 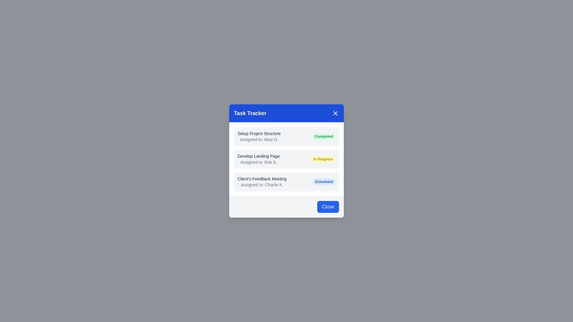 What do you see at coordinates (286, 159) in the screenshot?
I see `the task details area for Develop Landing Page` at bounding box center [286, 159].